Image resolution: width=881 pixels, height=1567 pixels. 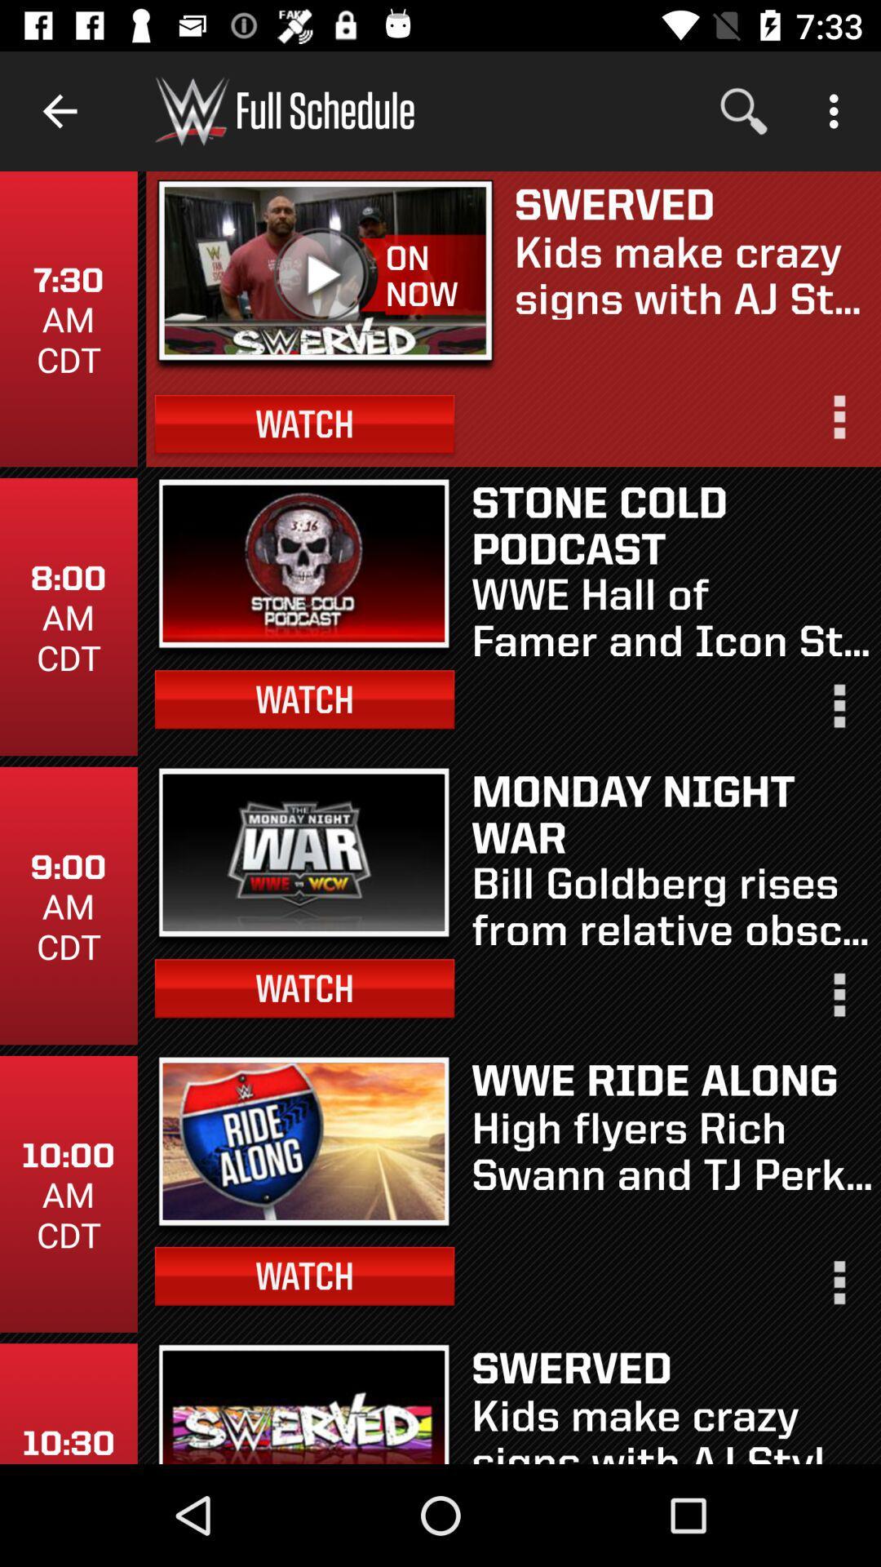 I want to click on video, so click(x=325, y=270).